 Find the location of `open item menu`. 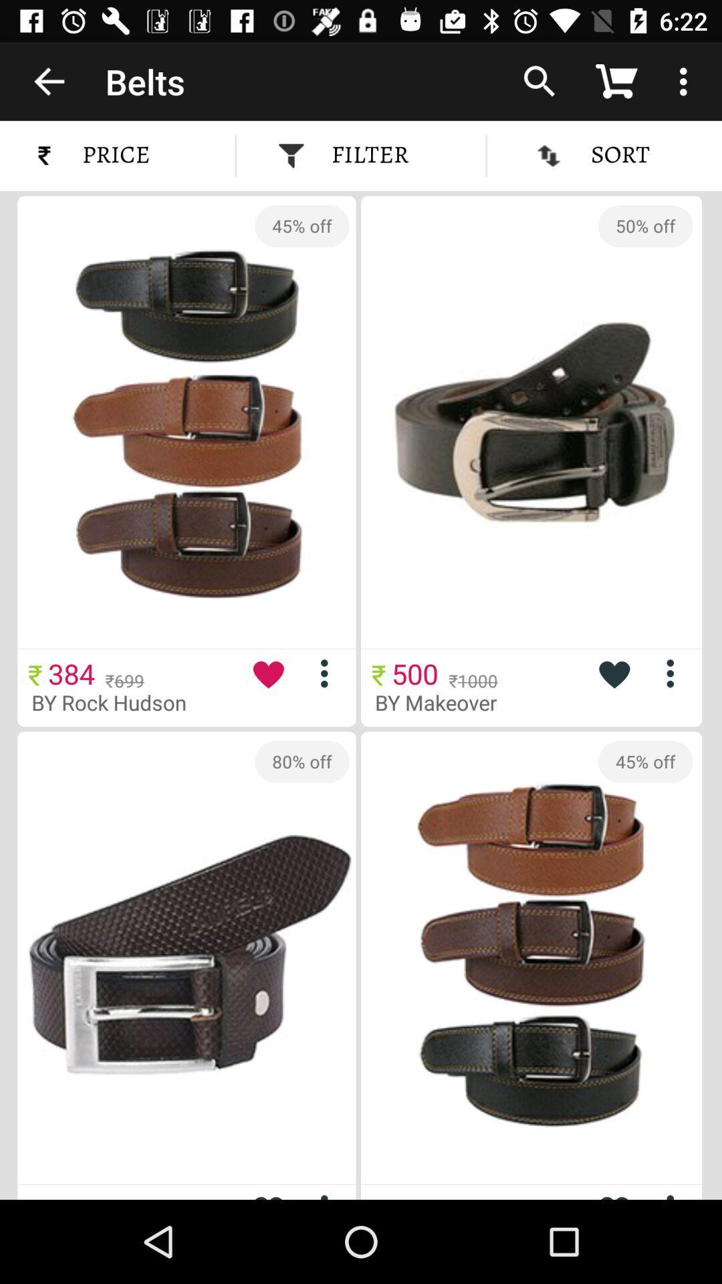

open item menu is located at coordinates (330, 673).